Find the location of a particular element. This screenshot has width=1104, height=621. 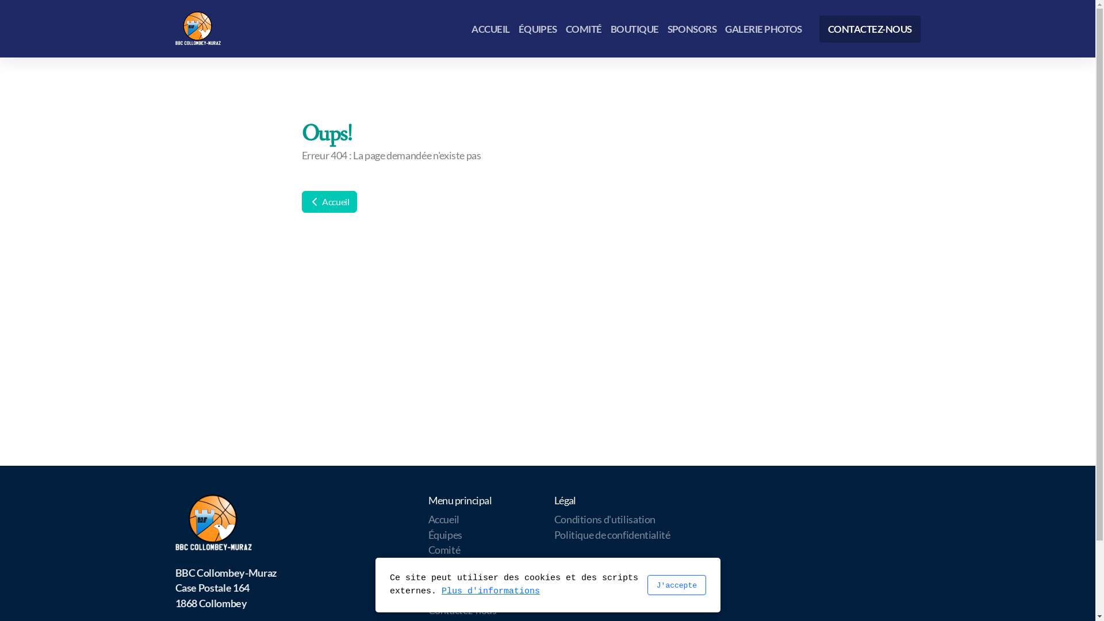

'Accueil' is located at coordinates (443, 519).